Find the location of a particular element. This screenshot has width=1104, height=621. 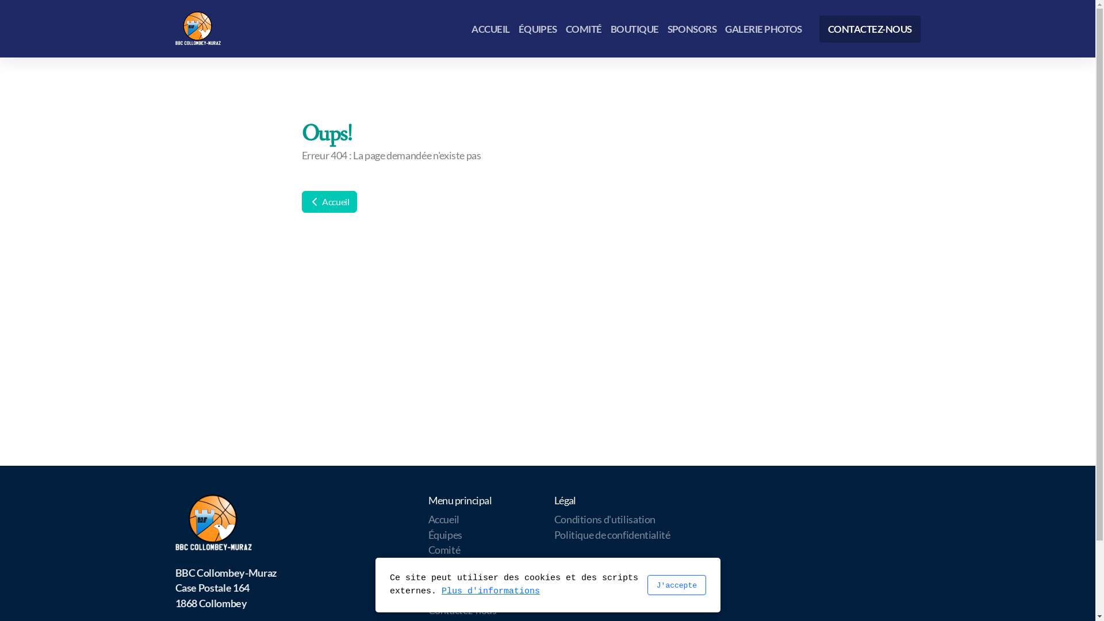

'Accueil' is located at coordinates (443, 519).